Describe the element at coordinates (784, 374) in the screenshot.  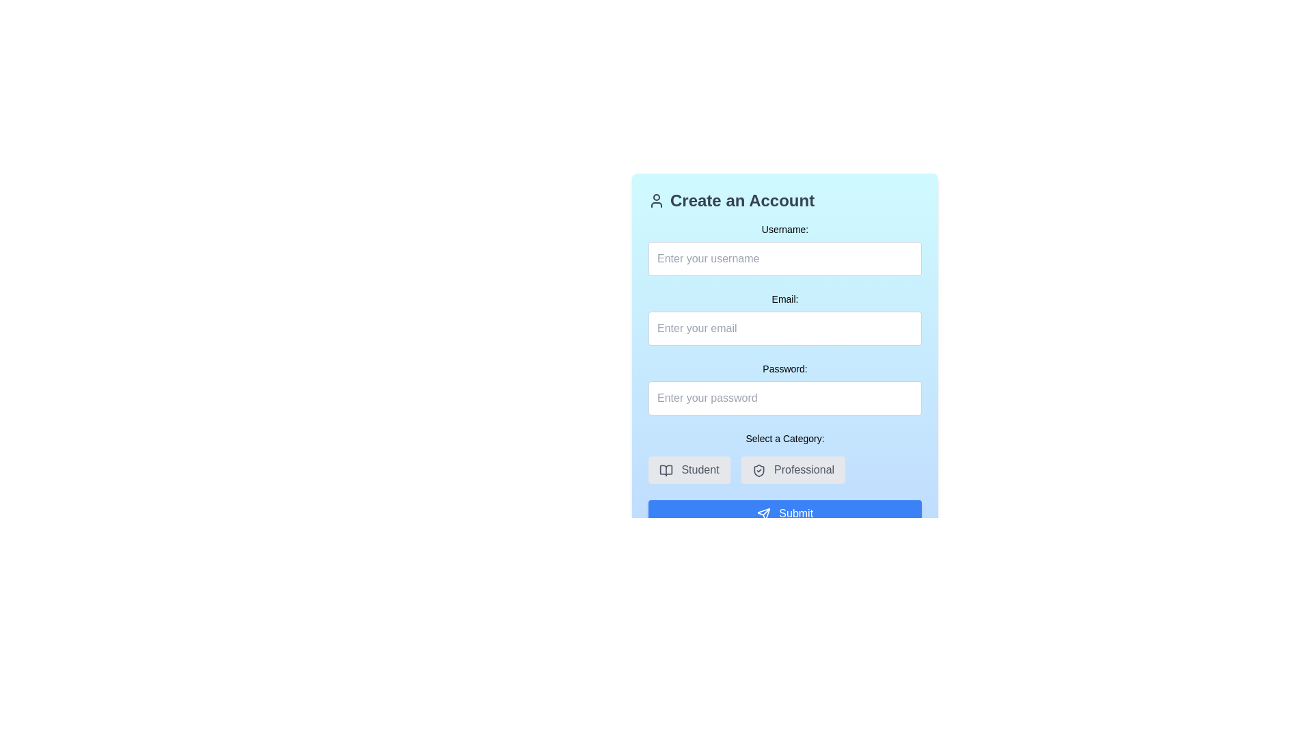
I see `the Password input box, which is a labeled field for entering a password located below the Email input field in the Create an Account section` at that location.